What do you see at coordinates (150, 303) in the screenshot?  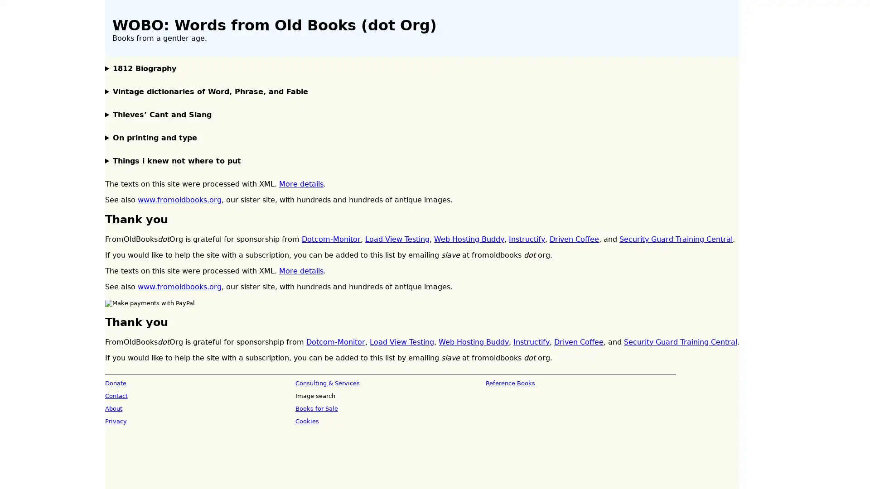 I see `Make payments with PayPal` at bounding box center [150, 303].